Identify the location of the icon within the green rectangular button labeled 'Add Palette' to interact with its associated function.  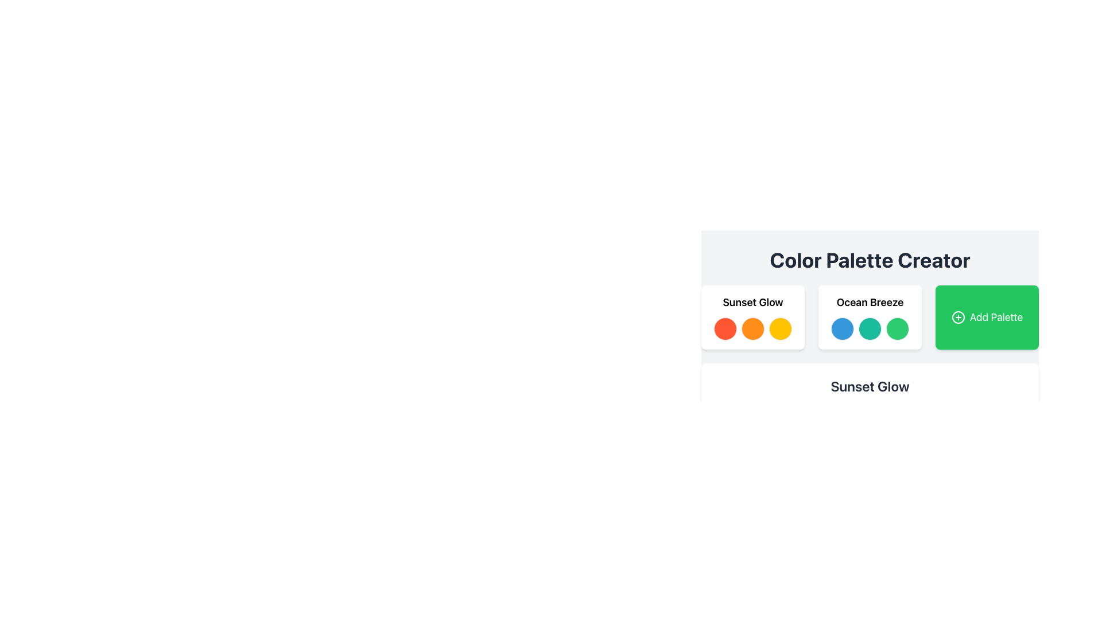
(958, 318).